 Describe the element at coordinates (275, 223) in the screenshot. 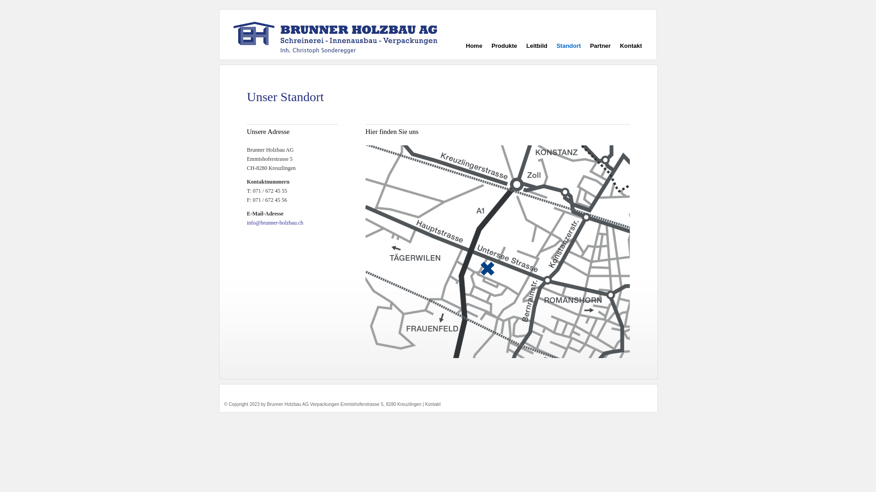

I see `'info@brunner-holzbau.ch'` at that location.